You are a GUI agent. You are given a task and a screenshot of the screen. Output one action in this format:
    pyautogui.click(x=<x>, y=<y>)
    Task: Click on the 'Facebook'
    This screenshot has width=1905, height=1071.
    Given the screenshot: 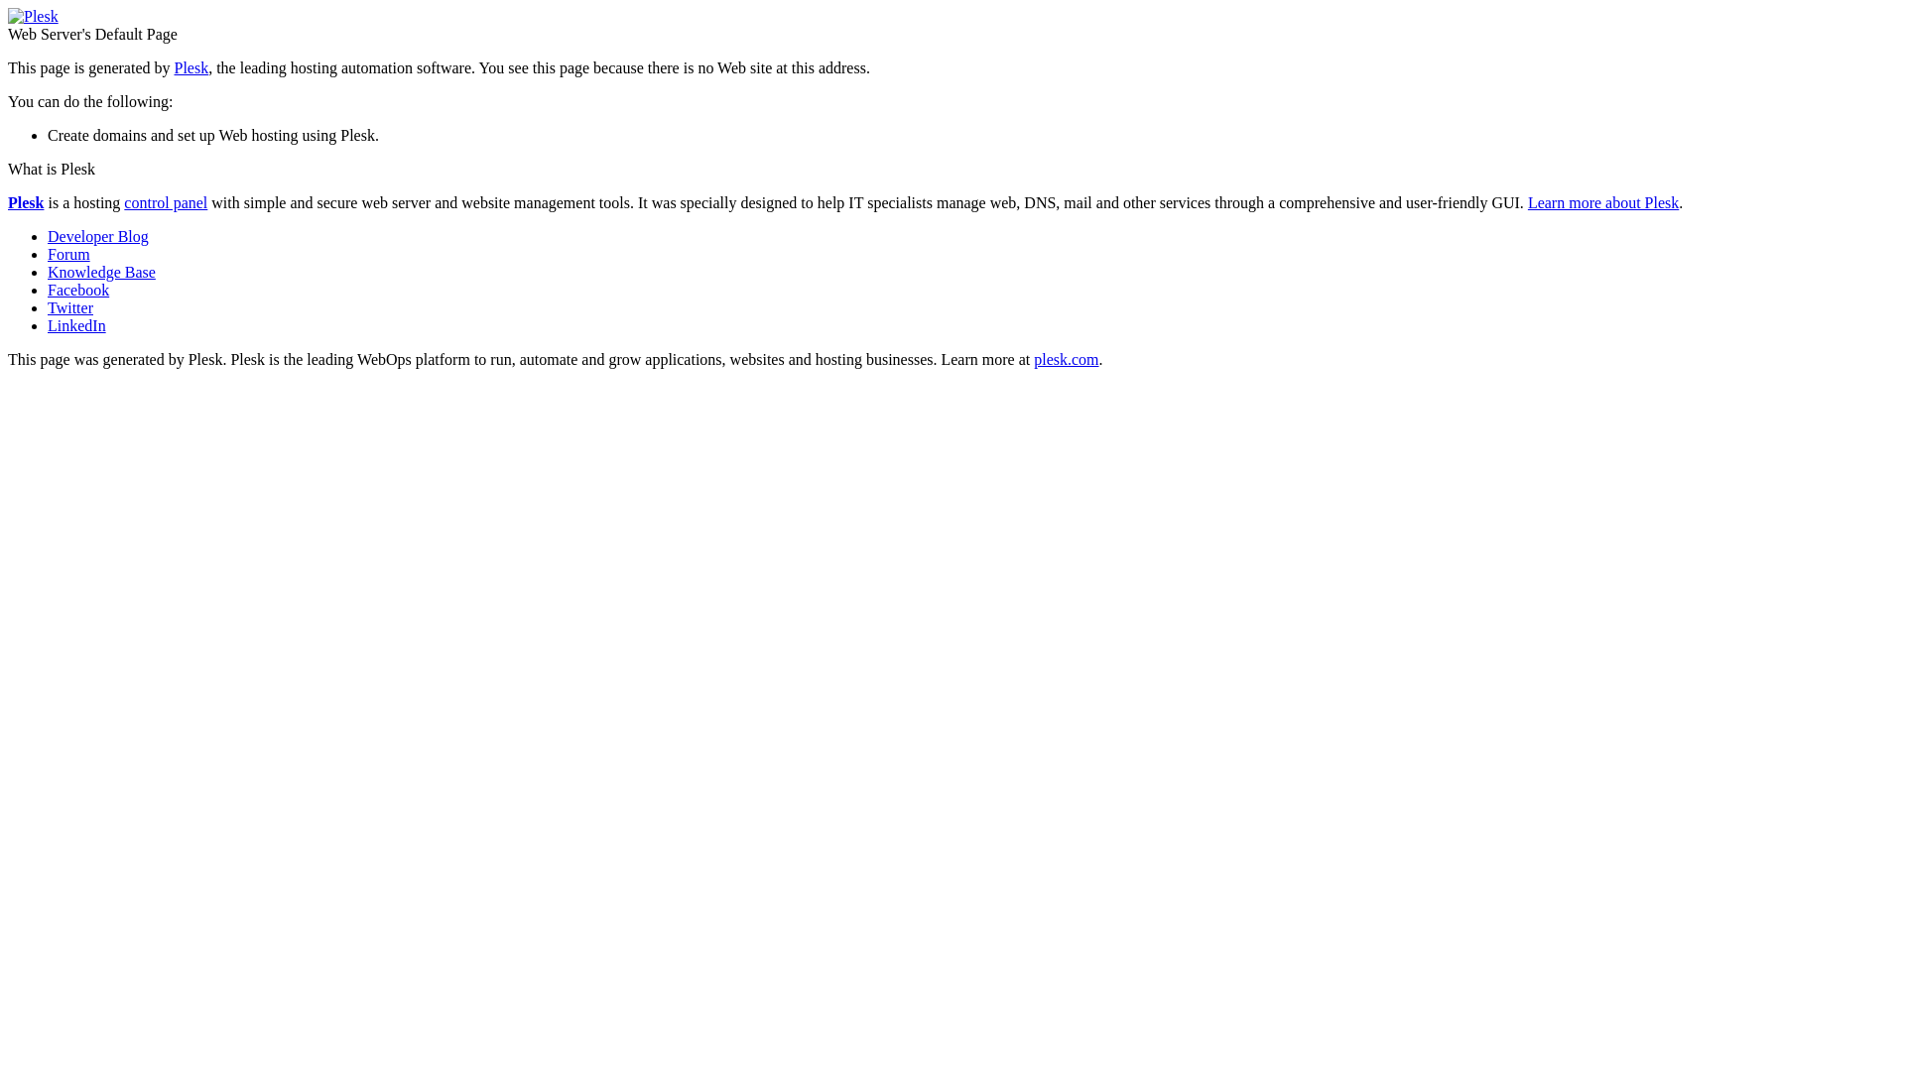 What is the action you would take?
    pyautogui.click(x=77, y=290)
    